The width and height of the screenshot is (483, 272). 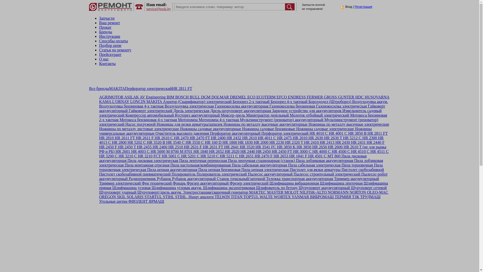 What do you see at coordinates (122, 151) in the screenshot?
I see `'HR 2601'` at bounding box center [122, 151].